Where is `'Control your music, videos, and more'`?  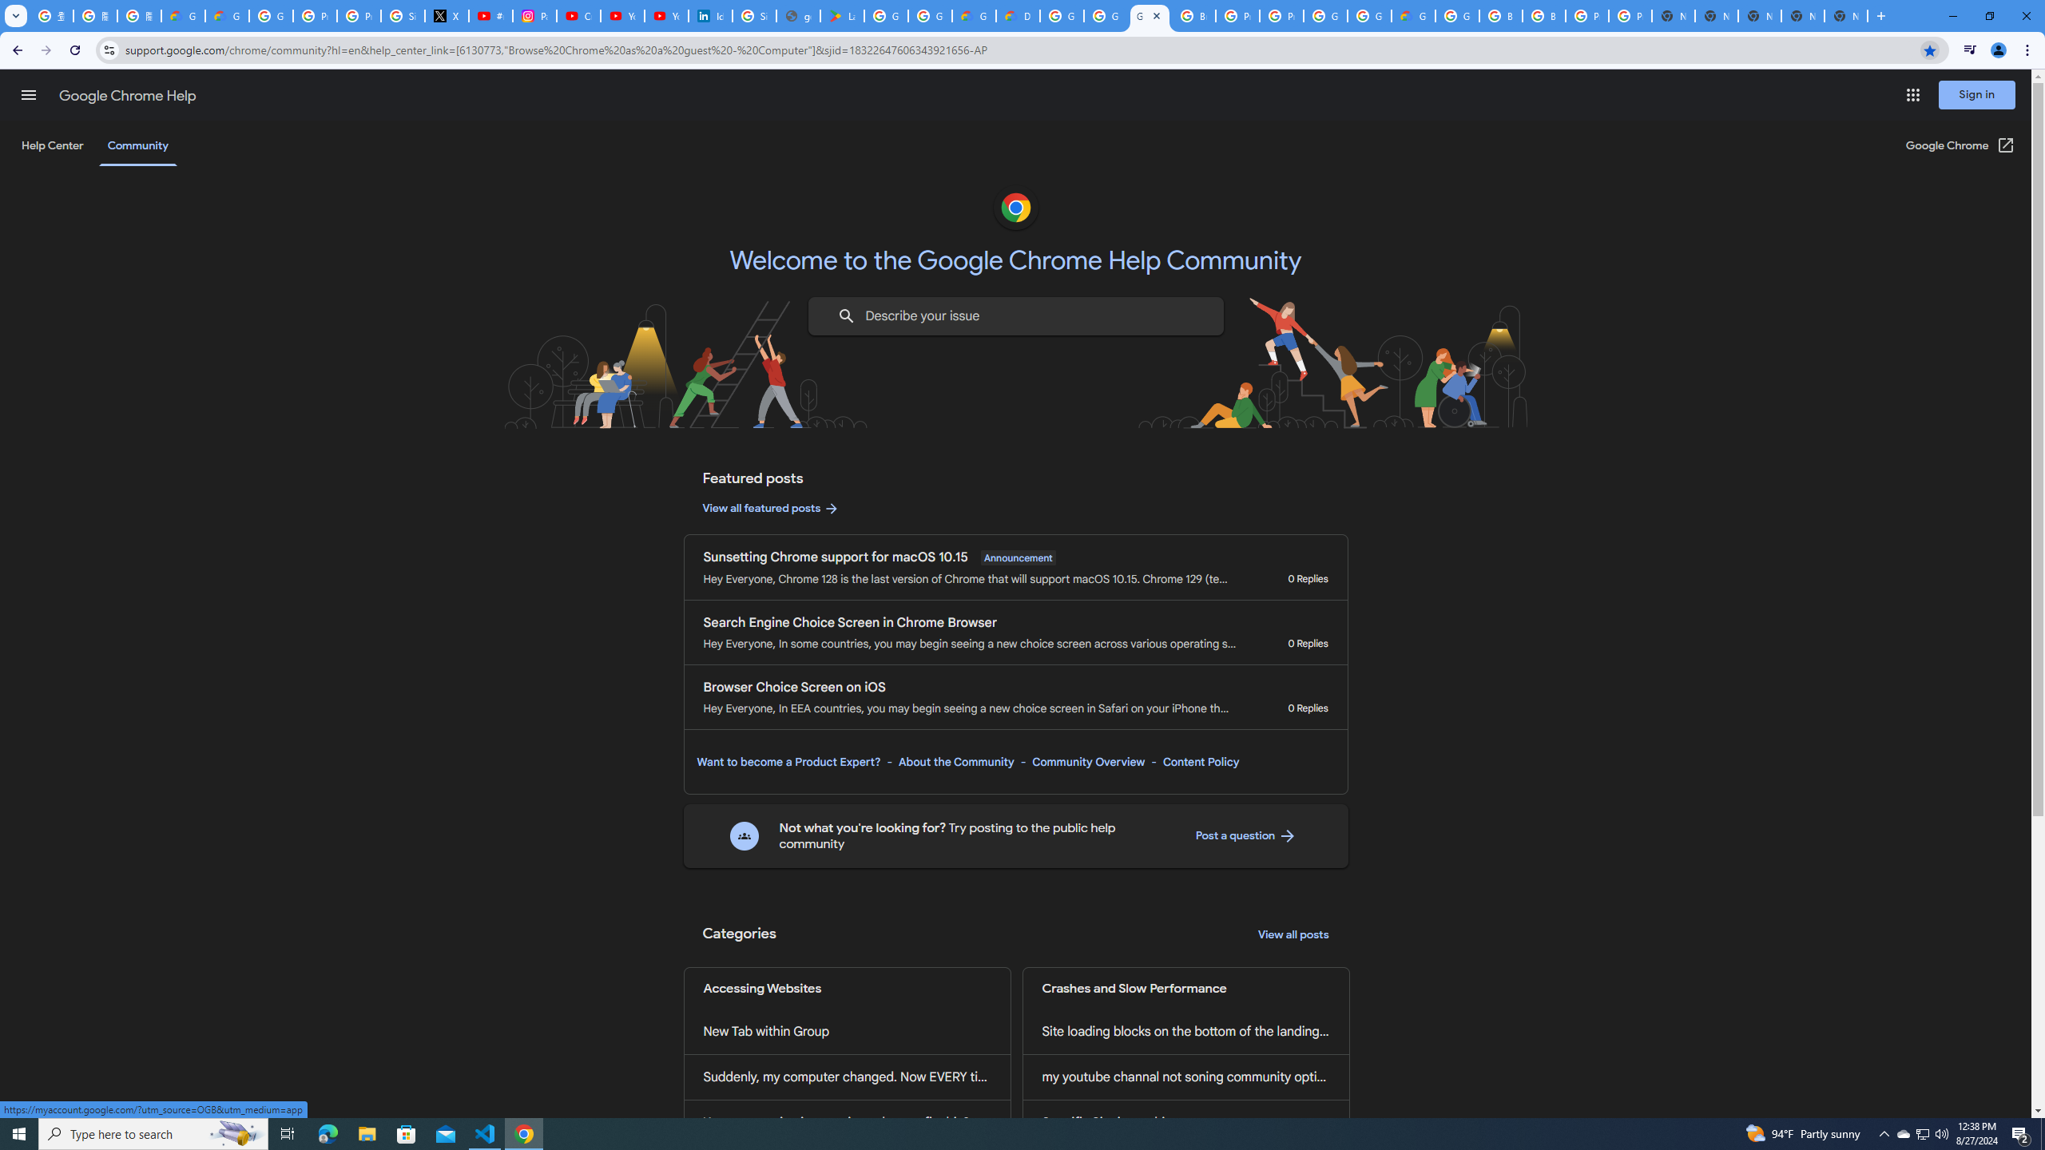 'Control your music, videos, and more' is located at coordinates (1970, 50).